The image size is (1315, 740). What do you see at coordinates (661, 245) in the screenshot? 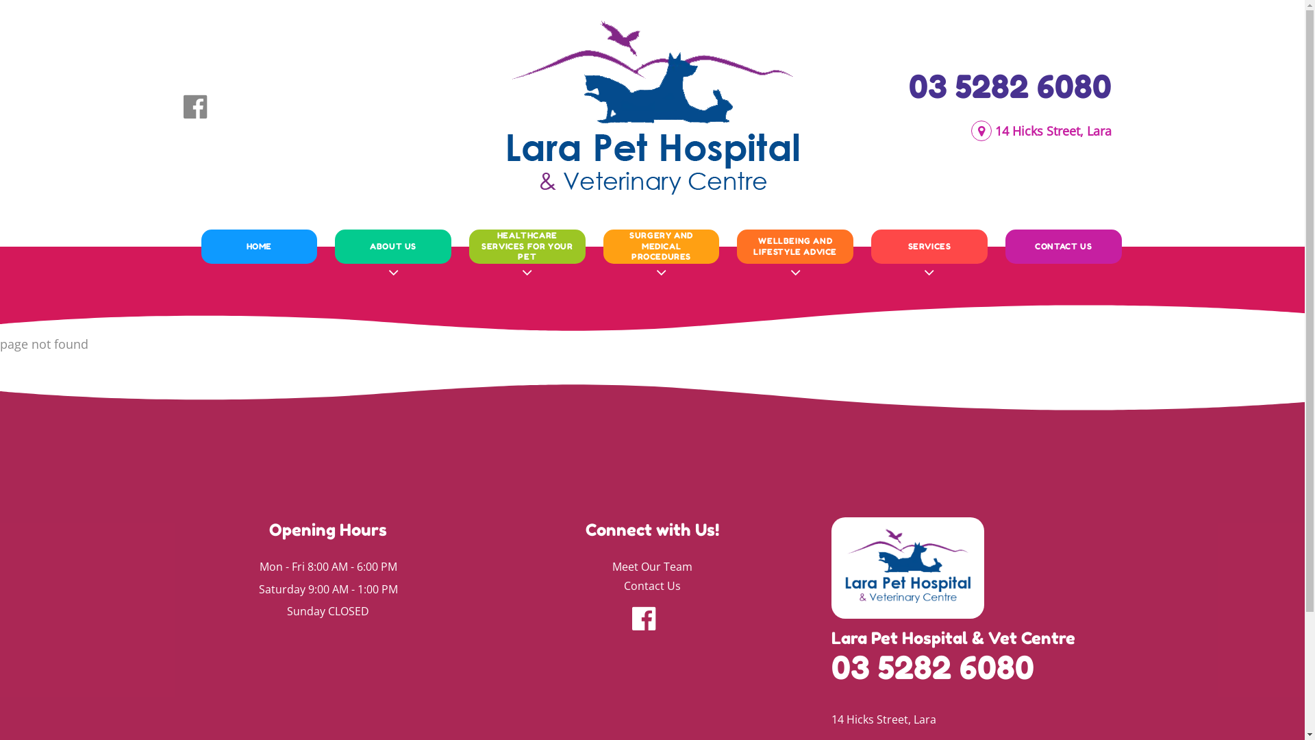
I see `'SURGERY AND MEDICAL PROCEDURES'` at bounding box center [661, 245].